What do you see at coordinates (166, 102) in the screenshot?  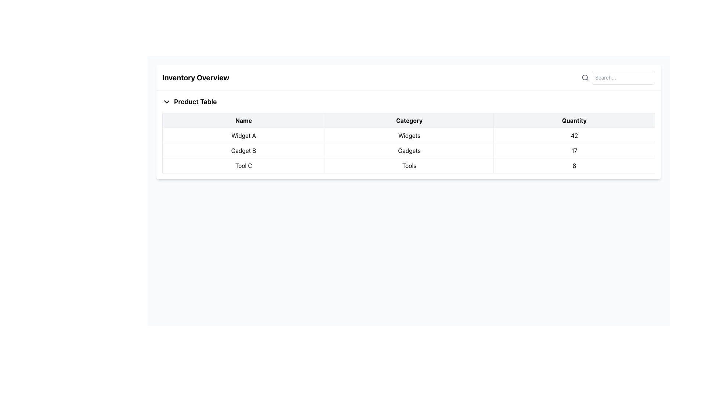 I see `the small, downward-pointing chevron arrow icon located to the immediate left of the text 'Product Table' in the header section above the table` at bounding box center [166, 102].